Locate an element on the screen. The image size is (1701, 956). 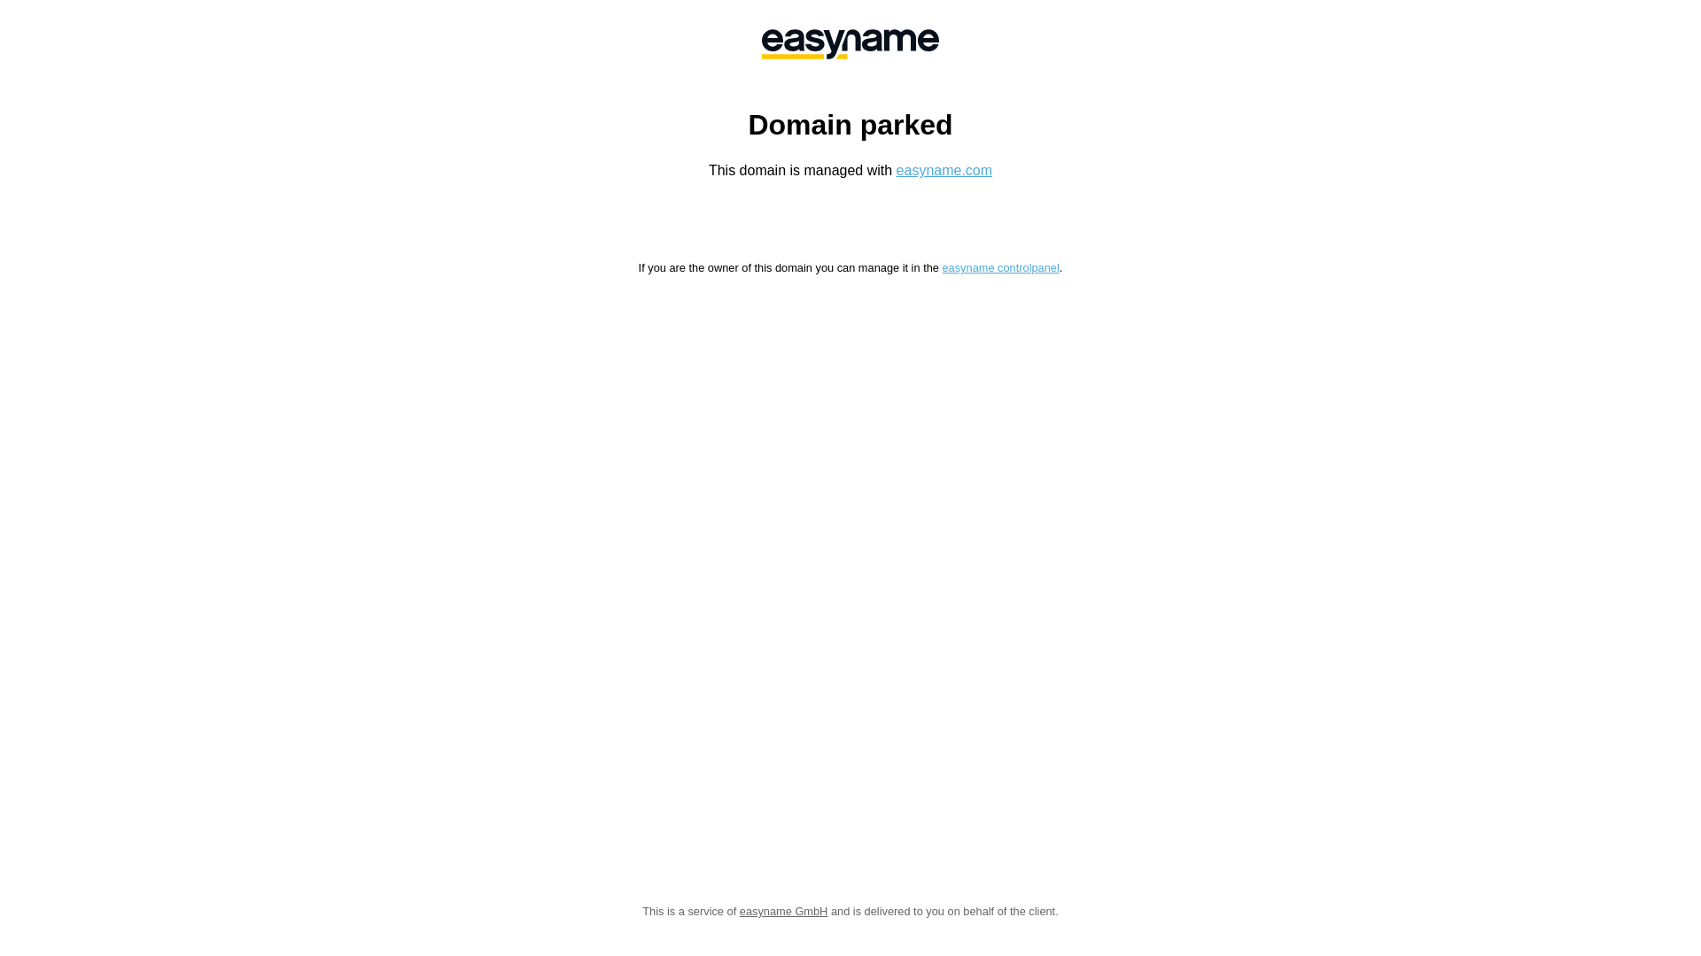
'easyname.com' is located at coordinates (944, 170).